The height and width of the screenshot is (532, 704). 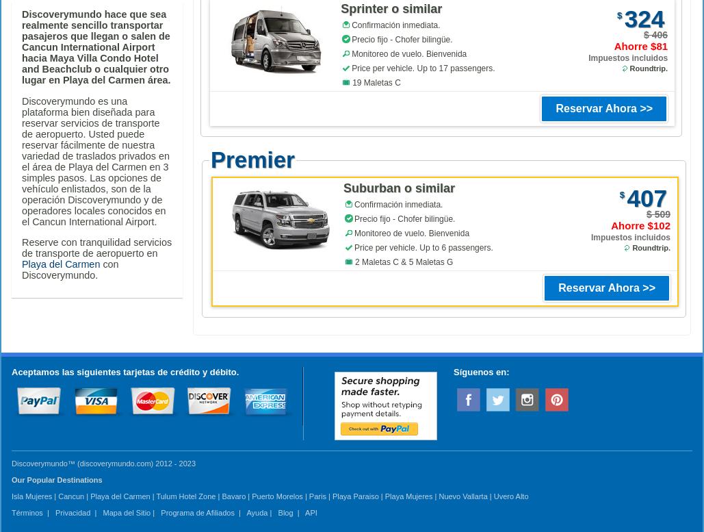 I want to click on 'Discoverymundo™ (discoverymundo.com) 2012 - 2023', so click(x=103, y=464).